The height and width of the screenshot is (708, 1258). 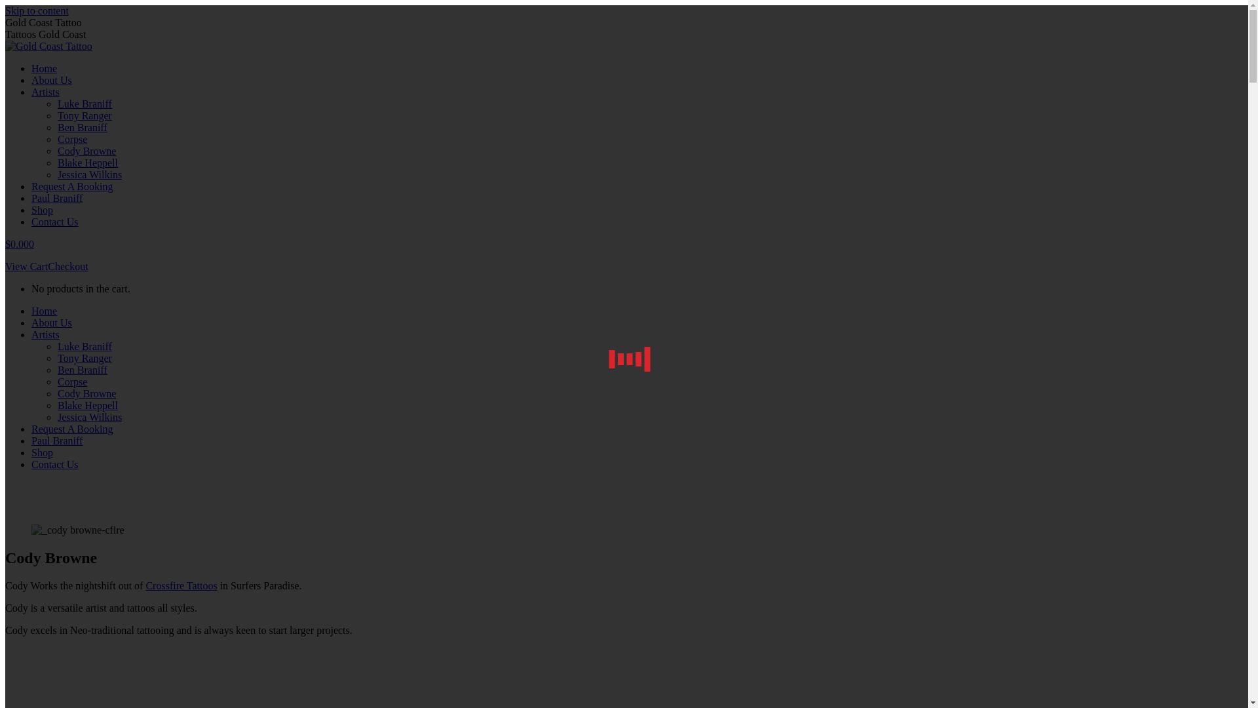 I want to click on 'Corpse', so click(x=71, y=139).